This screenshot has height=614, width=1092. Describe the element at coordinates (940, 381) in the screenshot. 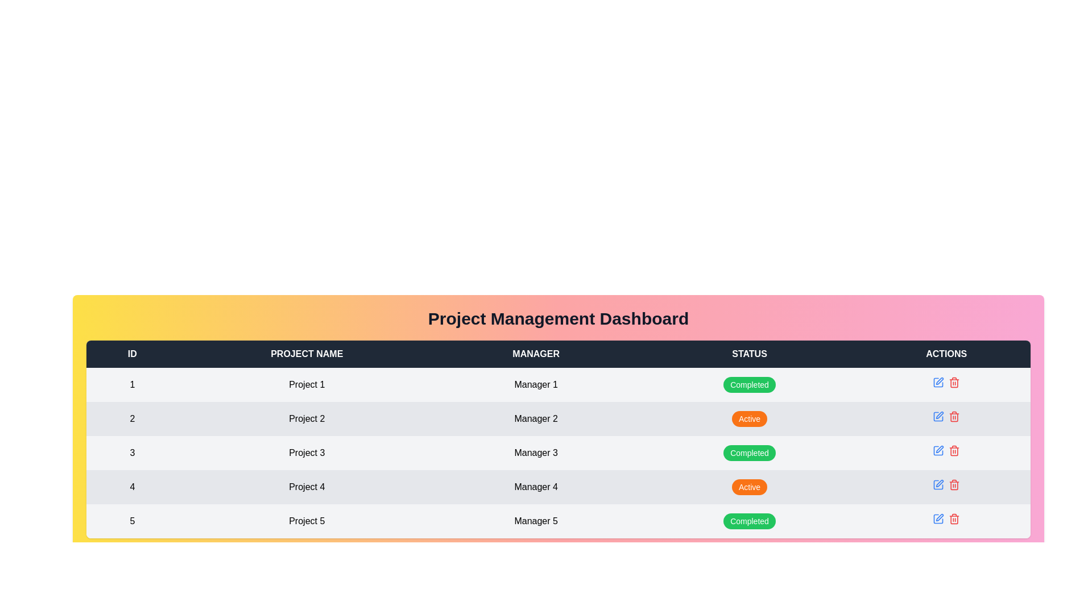

I see `the small blue outlined square icon with a red inner detail, resembling a pen or editing tool, located in the 'Actions' column of the fifth row of the project table` at that location.